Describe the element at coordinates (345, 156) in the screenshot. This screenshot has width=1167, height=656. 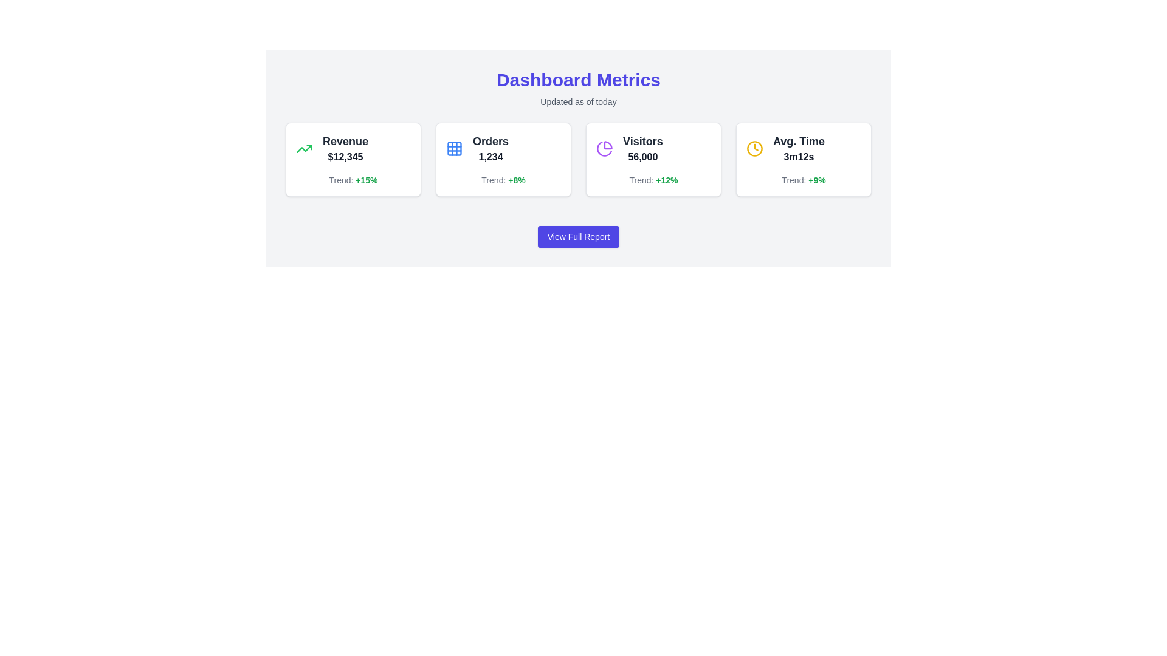
I see `the revenue value text label located in the second position of the first metric card, which is below the 'Revenue' label in a dashboard metric card layout` at that location.